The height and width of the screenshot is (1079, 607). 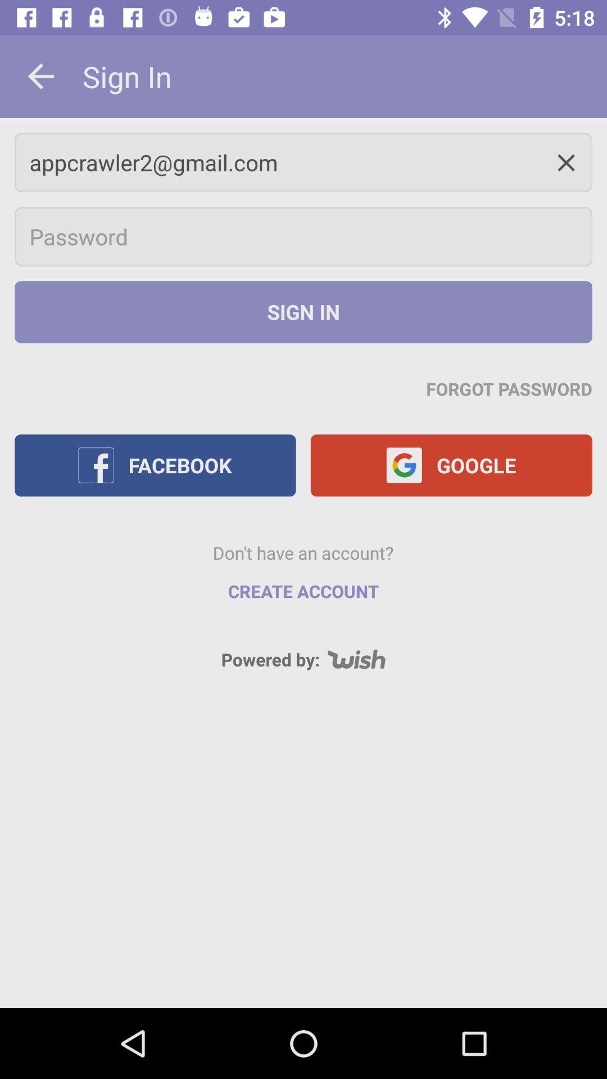 I want to click on appcrawler2@gmail.com icon, so click(x=303, y=162).